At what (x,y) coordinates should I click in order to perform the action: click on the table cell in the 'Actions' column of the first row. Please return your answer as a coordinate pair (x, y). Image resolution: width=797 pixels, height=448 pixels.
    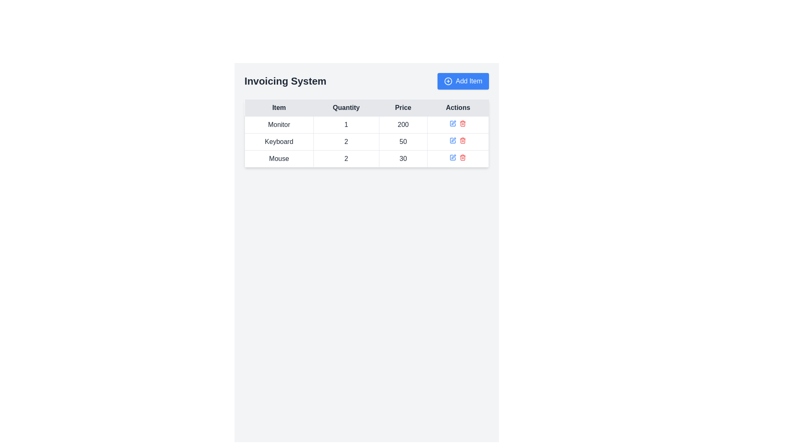
    Looking at the image, I should click on (457, 124).